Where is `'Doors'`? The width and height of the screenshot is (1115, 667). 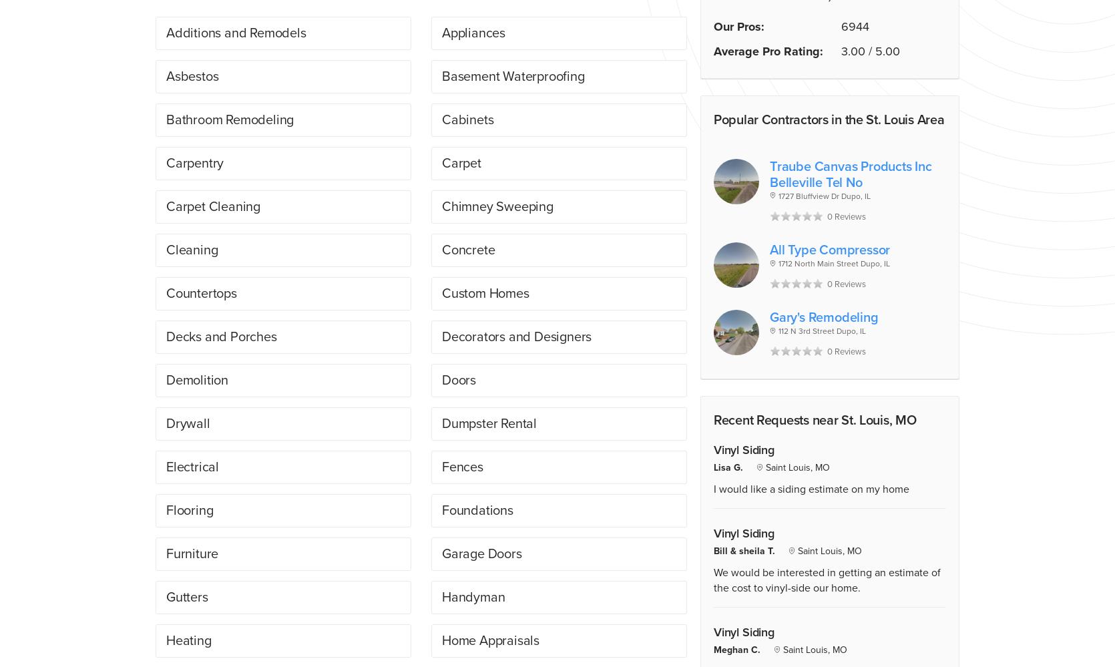
'Doors' is located at coordinates (459, 380).